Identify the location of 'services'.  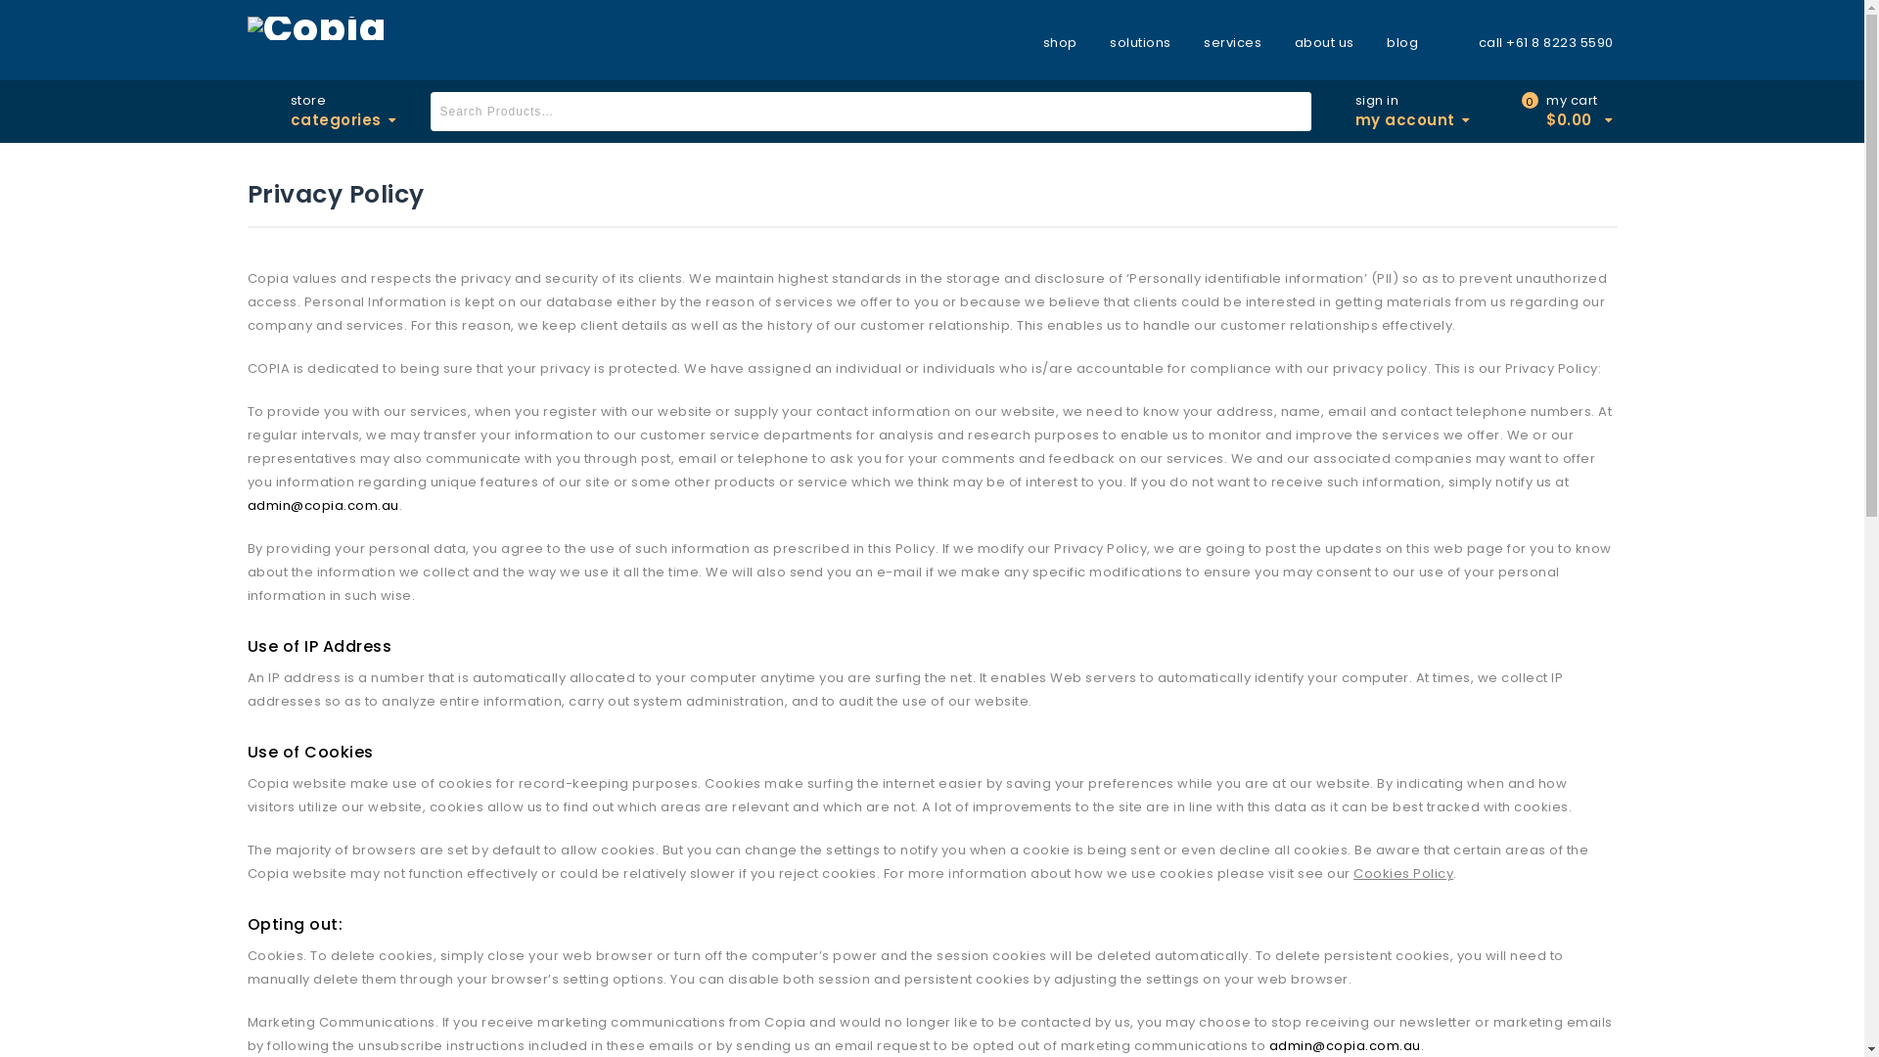
(1231, 41).